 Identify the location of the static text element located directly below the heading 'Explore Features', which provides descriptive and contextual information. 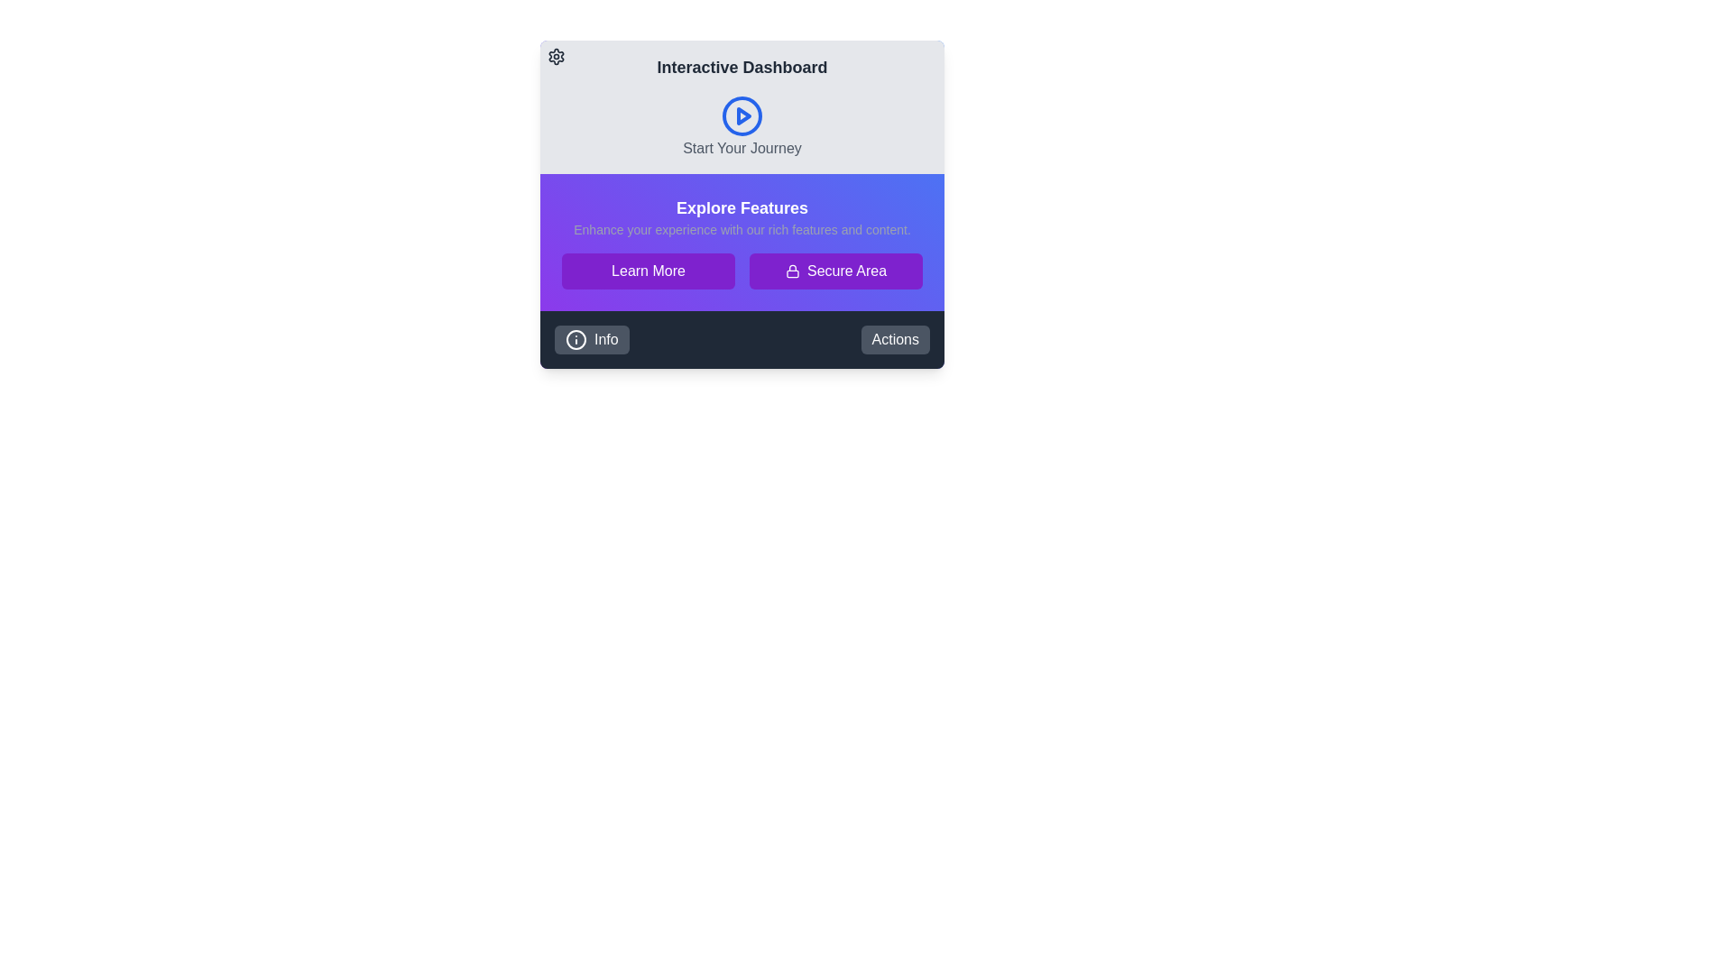
(742, 228).